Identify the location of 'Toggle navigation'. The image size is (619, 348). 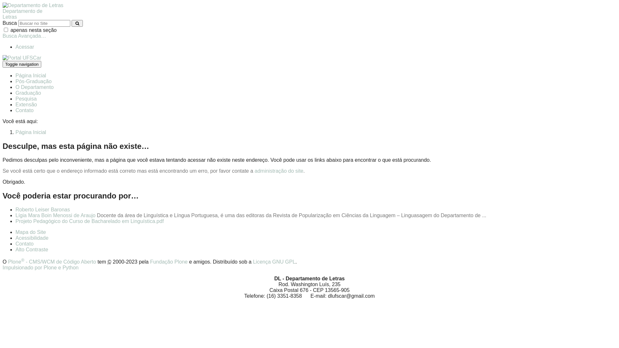
(3, 64).